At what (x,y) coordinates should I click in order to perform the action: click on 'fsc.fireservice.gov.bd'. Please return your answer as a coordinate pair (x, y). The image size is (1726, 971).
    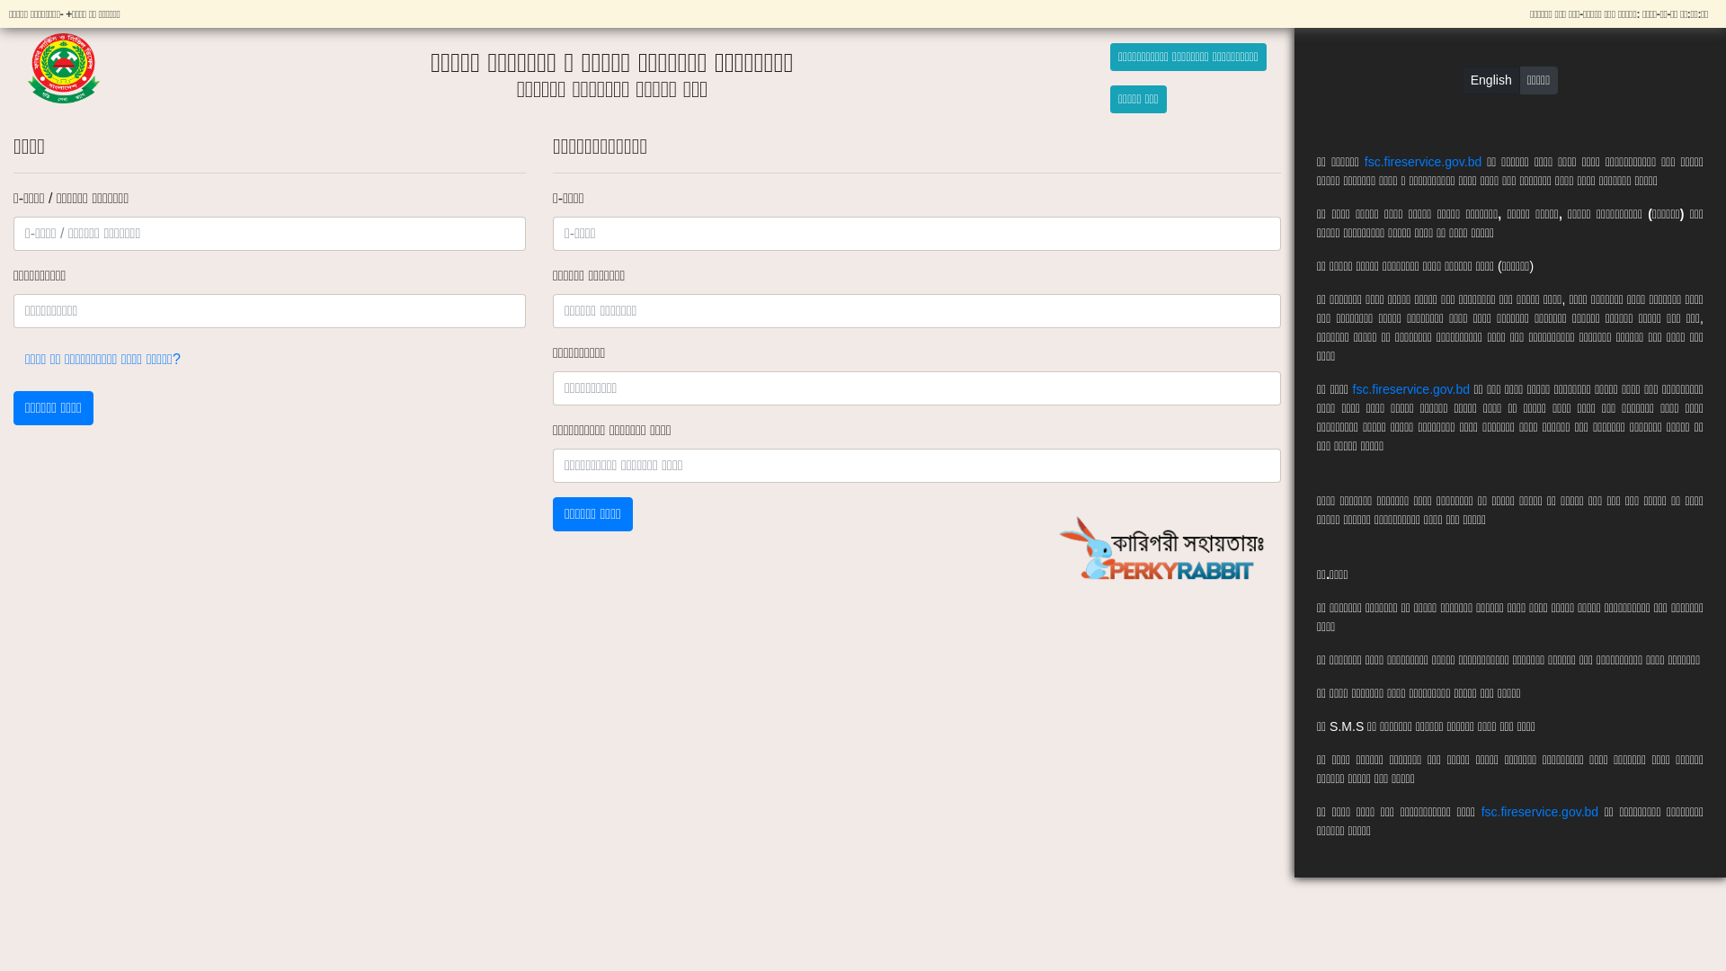
    Looking at the image, I should click on (1410, 388).